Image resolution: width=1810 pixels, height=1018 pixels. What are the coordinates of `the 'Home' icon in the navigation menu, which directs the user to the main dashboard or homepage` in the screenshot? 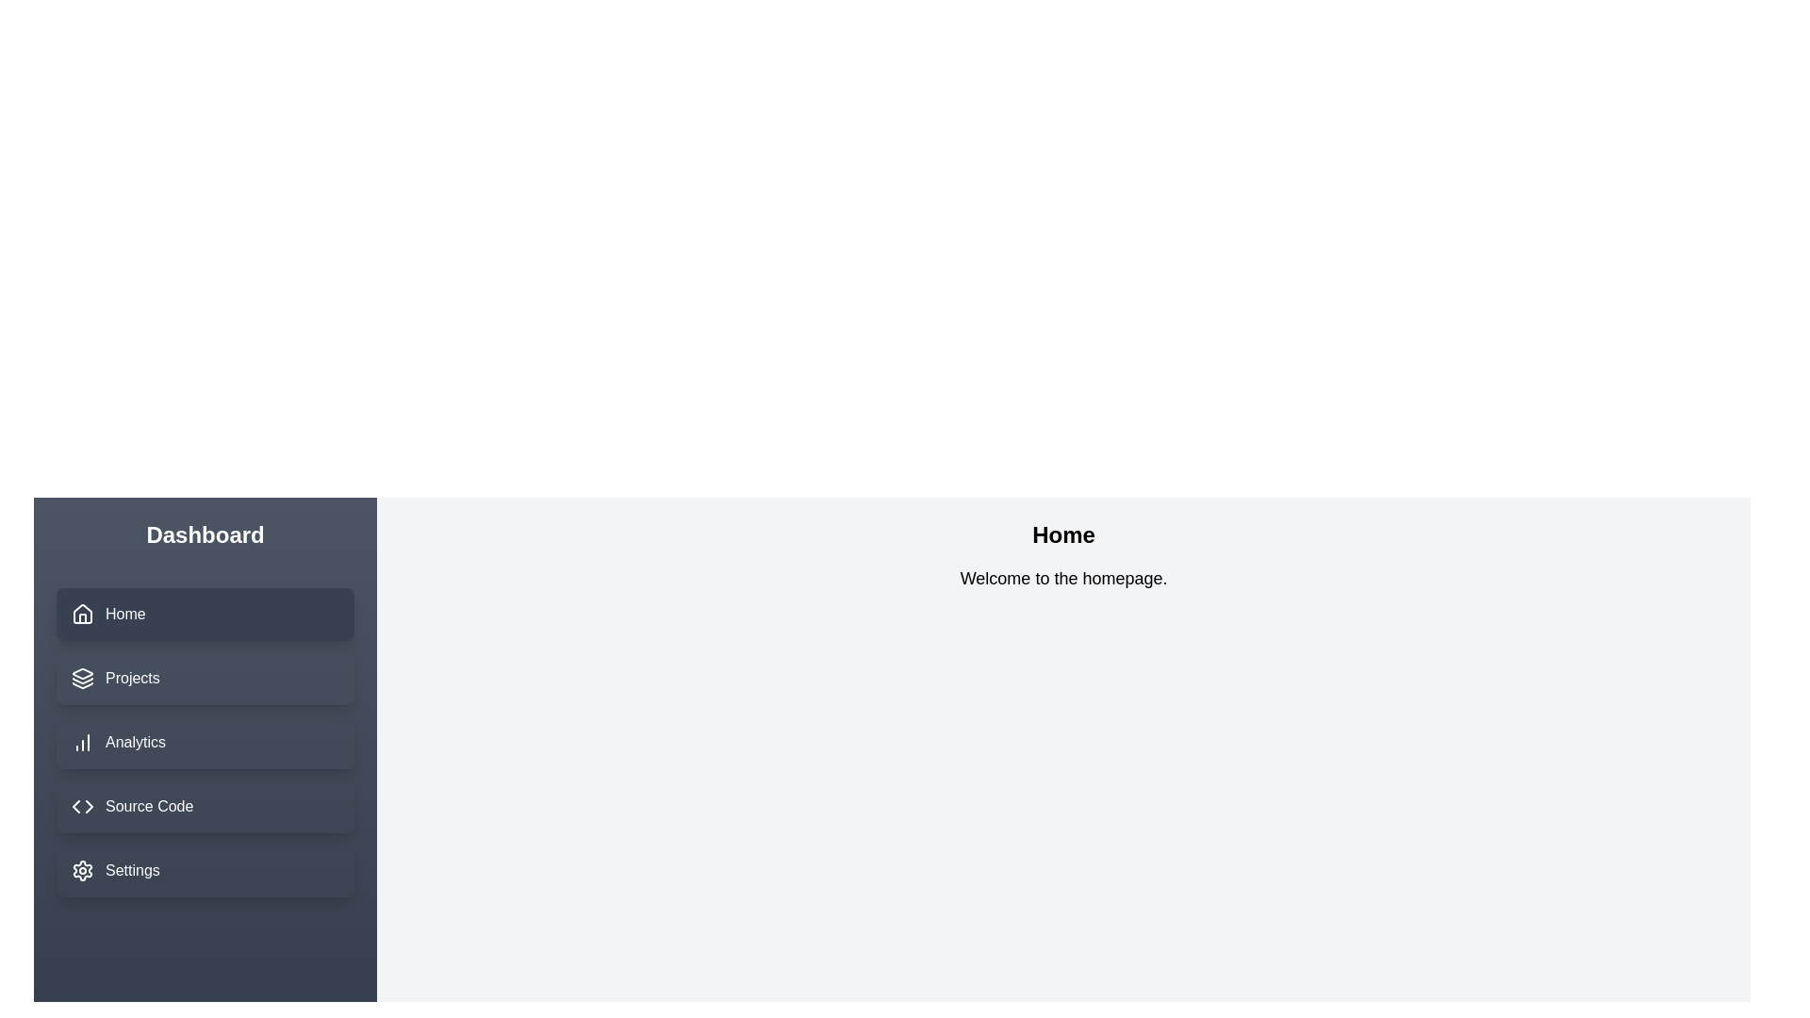 It's located at (81, 614).